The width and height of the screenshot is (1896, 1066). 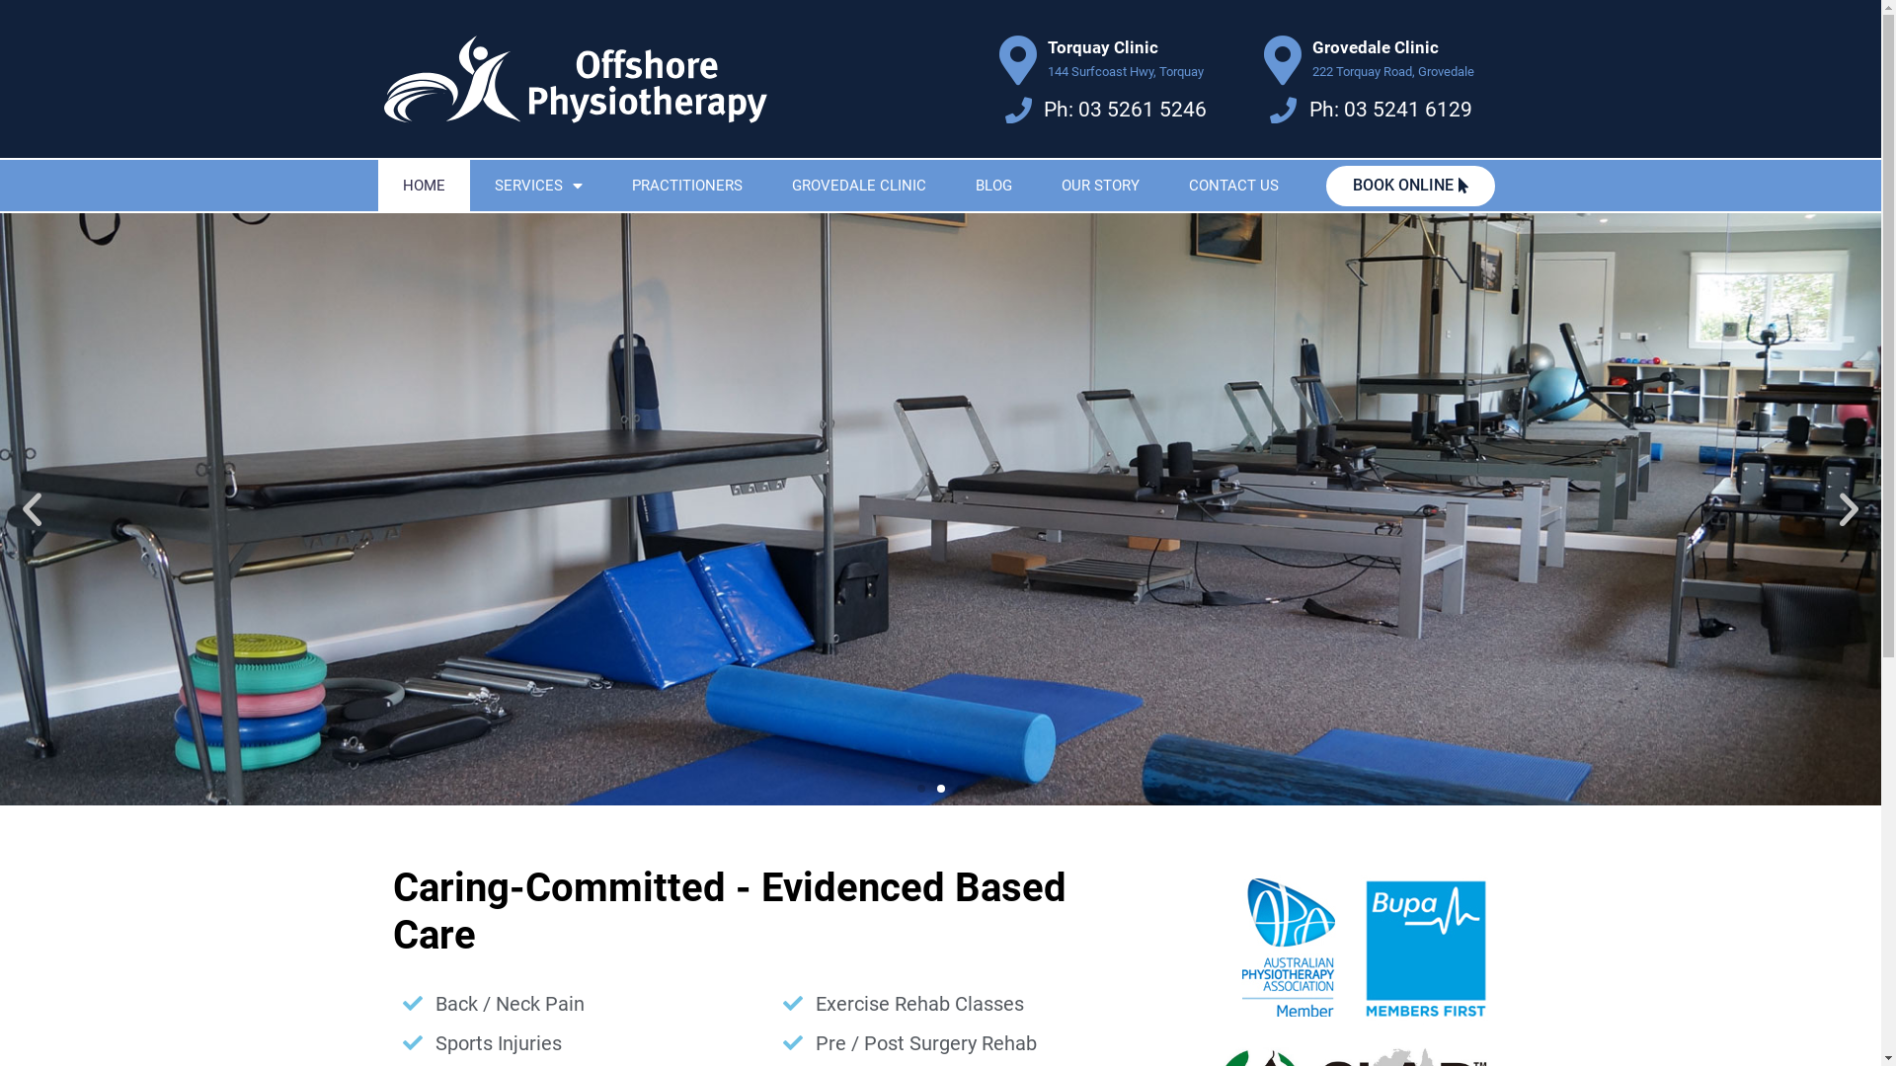 I want to click on 'BOOK ONLINE', so click(x=1409, y=186).